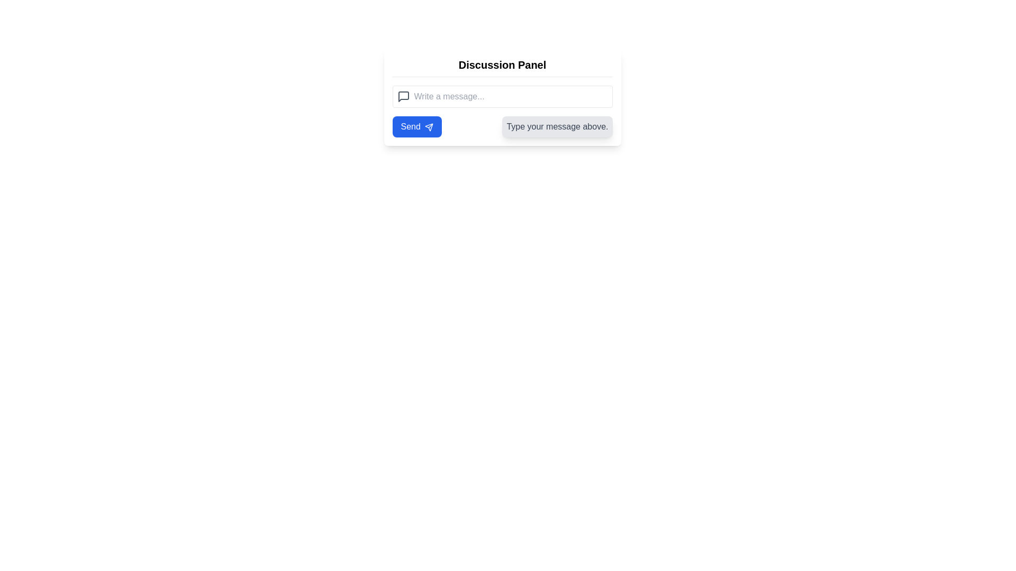 Image resolution: width=1016 pixels, height=571 pixels. What do you see at coordinates (429, 126) in the screenshot?
I see `the 'Send' icon located to the right of the 'Send' text button in the bottom-left corner of the panel for its symbolic function of sending messages` at bounding box center [429, 126].